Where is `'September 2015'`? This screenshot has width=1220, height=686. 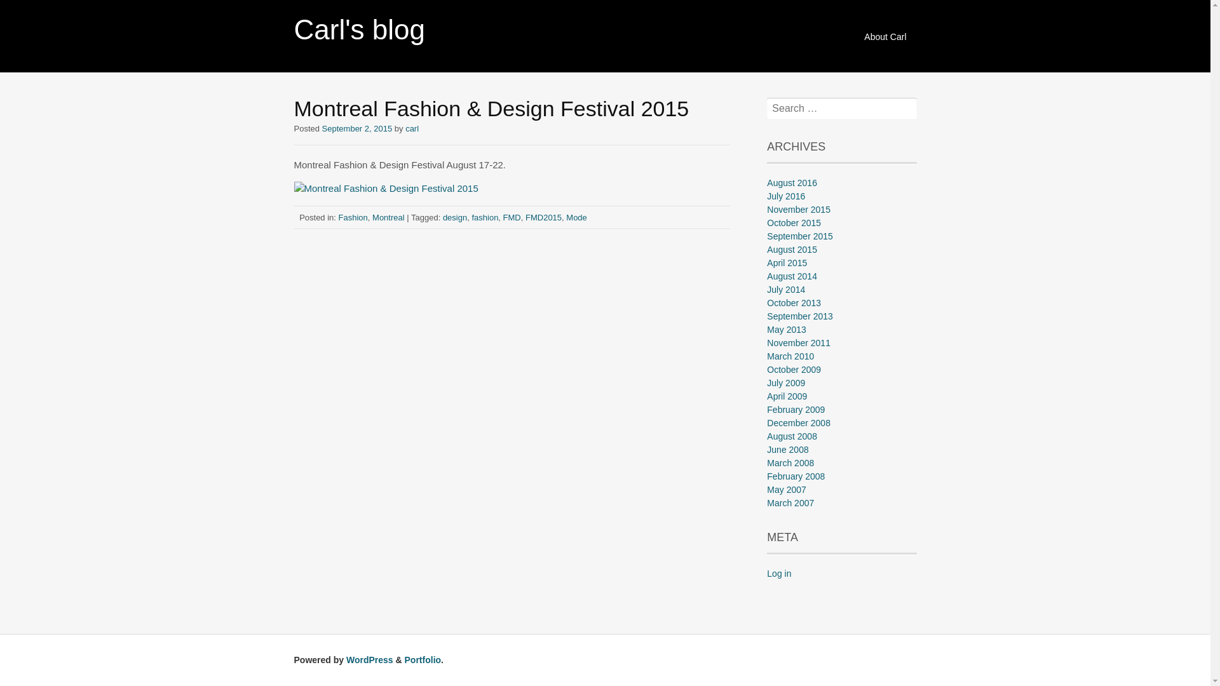
'September 2015' is located at coordinates (799, 236).